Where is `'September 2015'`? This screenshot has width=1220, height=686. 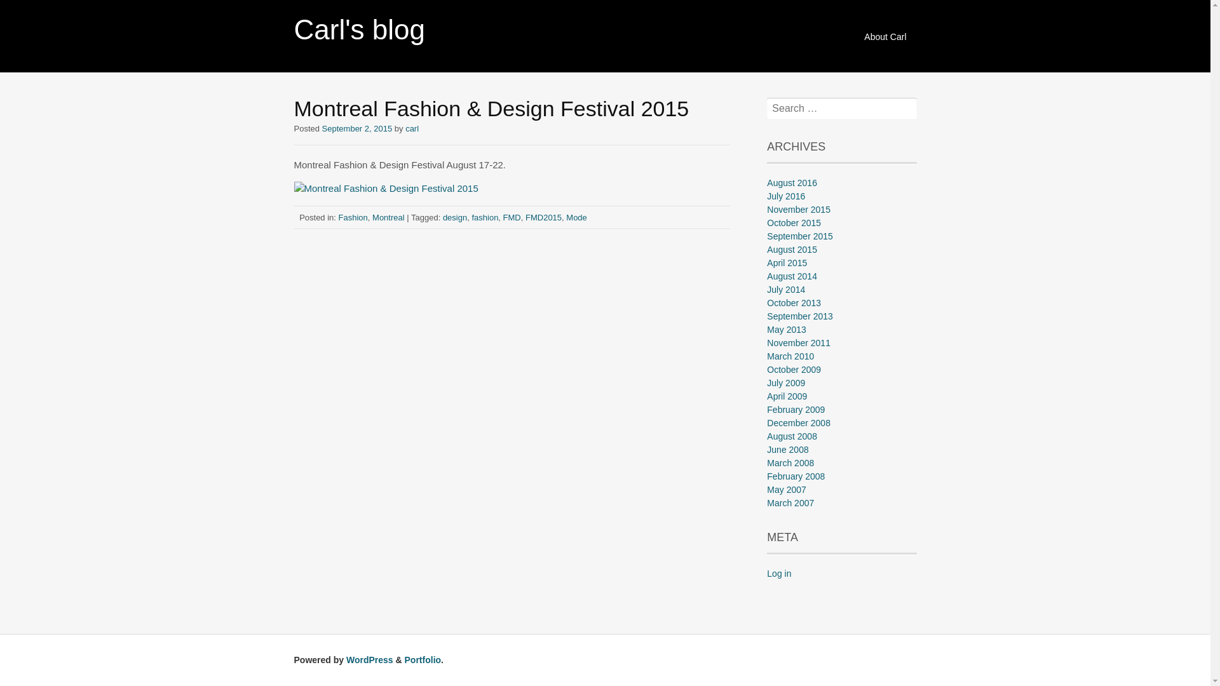
'September 2015' is located at coordinates (799, 236).